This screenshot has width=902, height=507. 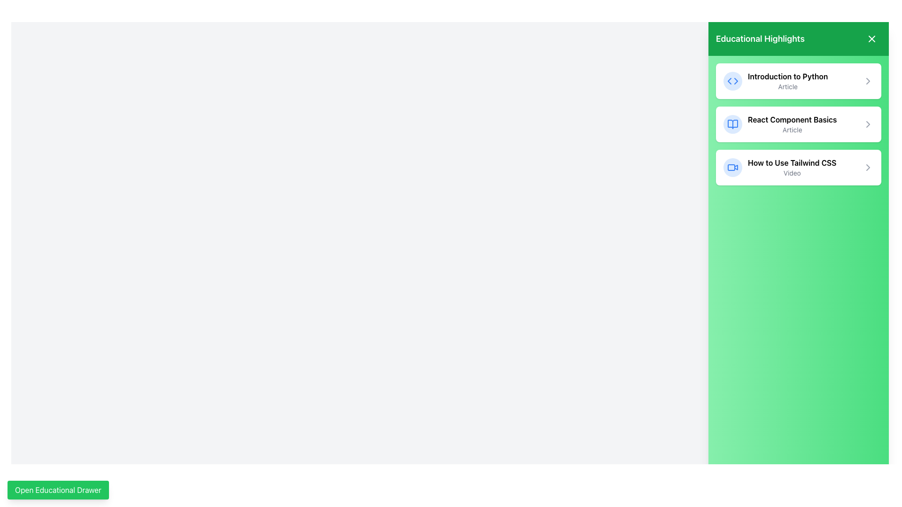 I want to click on the third button in the vertical sidebar stack, so click(x=798, y=167).